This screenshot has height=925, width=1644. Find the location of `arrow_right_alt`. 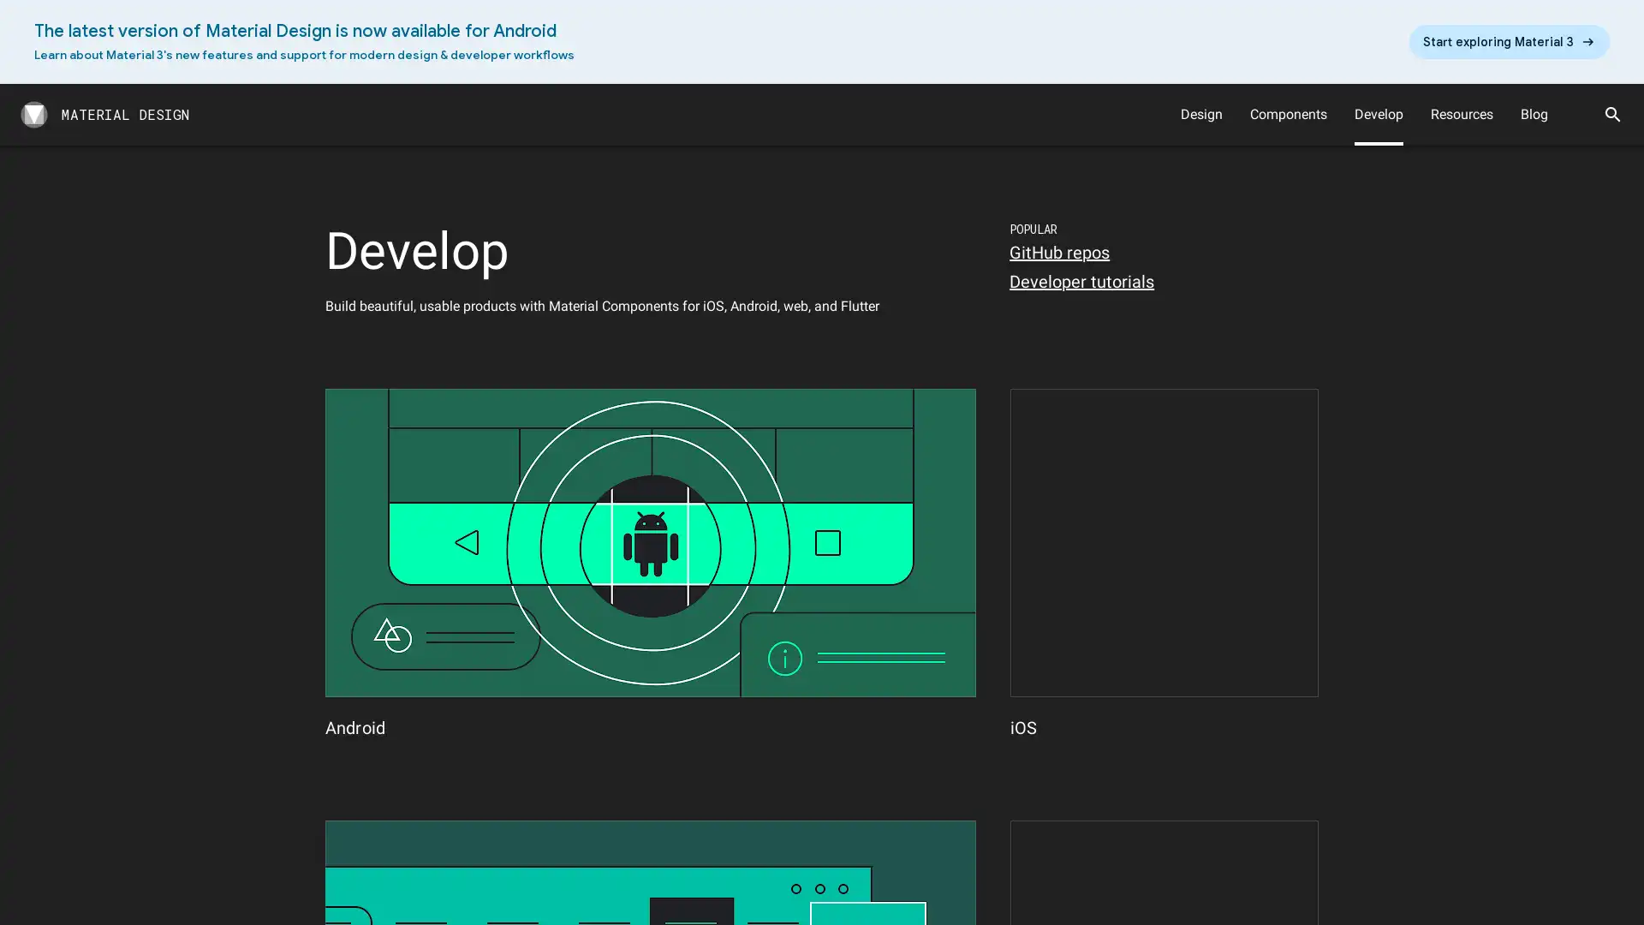

arrow_right_alt is located at coordinates (1509, 41).